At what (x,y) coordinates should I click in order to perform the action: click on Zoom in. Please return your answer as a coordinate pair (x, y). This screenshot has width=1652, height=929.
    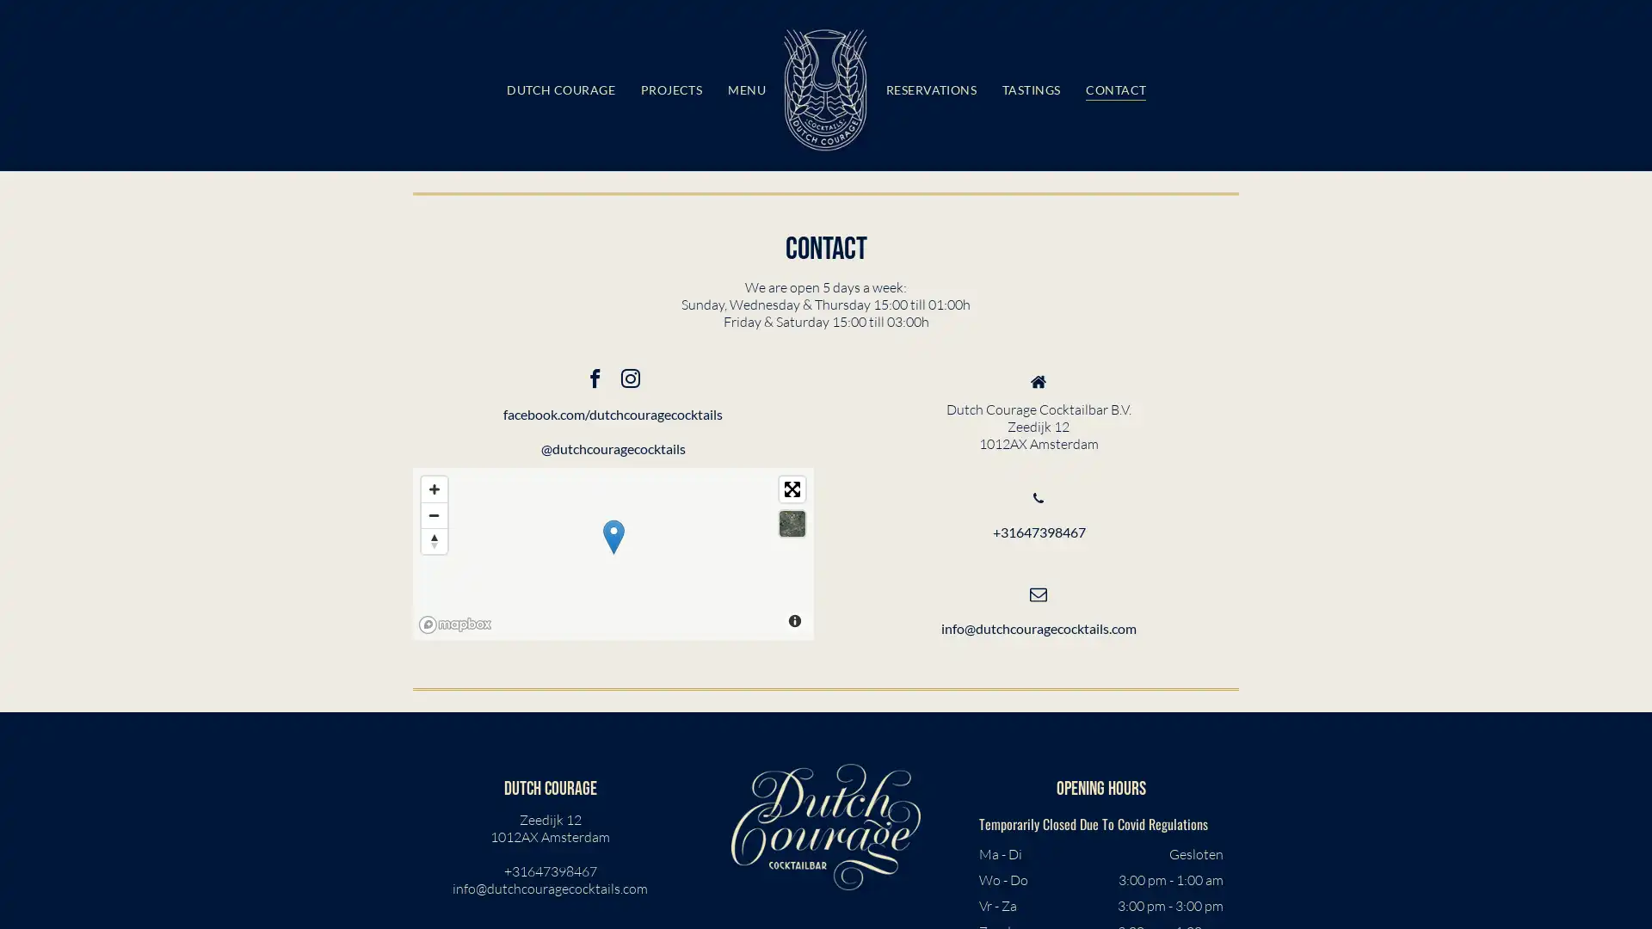
    Looking at the image, I should click on (434, 488).